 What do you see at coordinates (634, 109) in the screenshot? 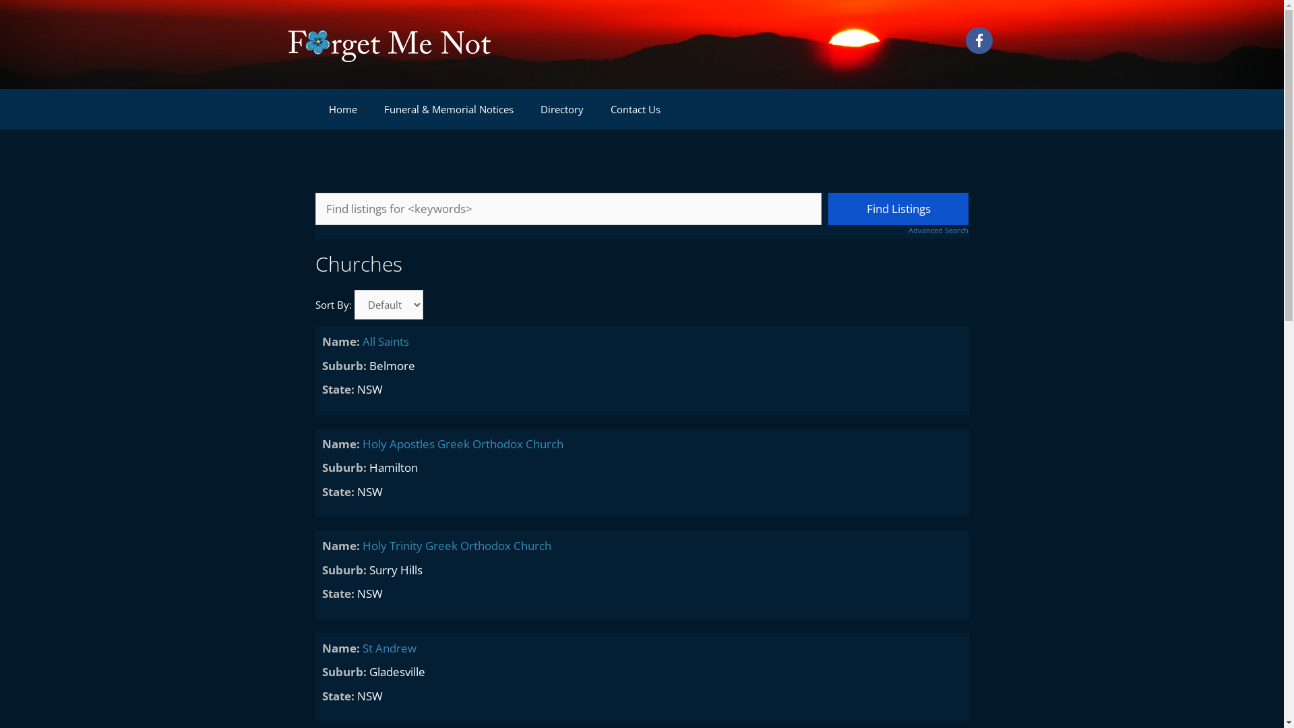
I see `'Contact Us'` at bounding box center [634, 109].